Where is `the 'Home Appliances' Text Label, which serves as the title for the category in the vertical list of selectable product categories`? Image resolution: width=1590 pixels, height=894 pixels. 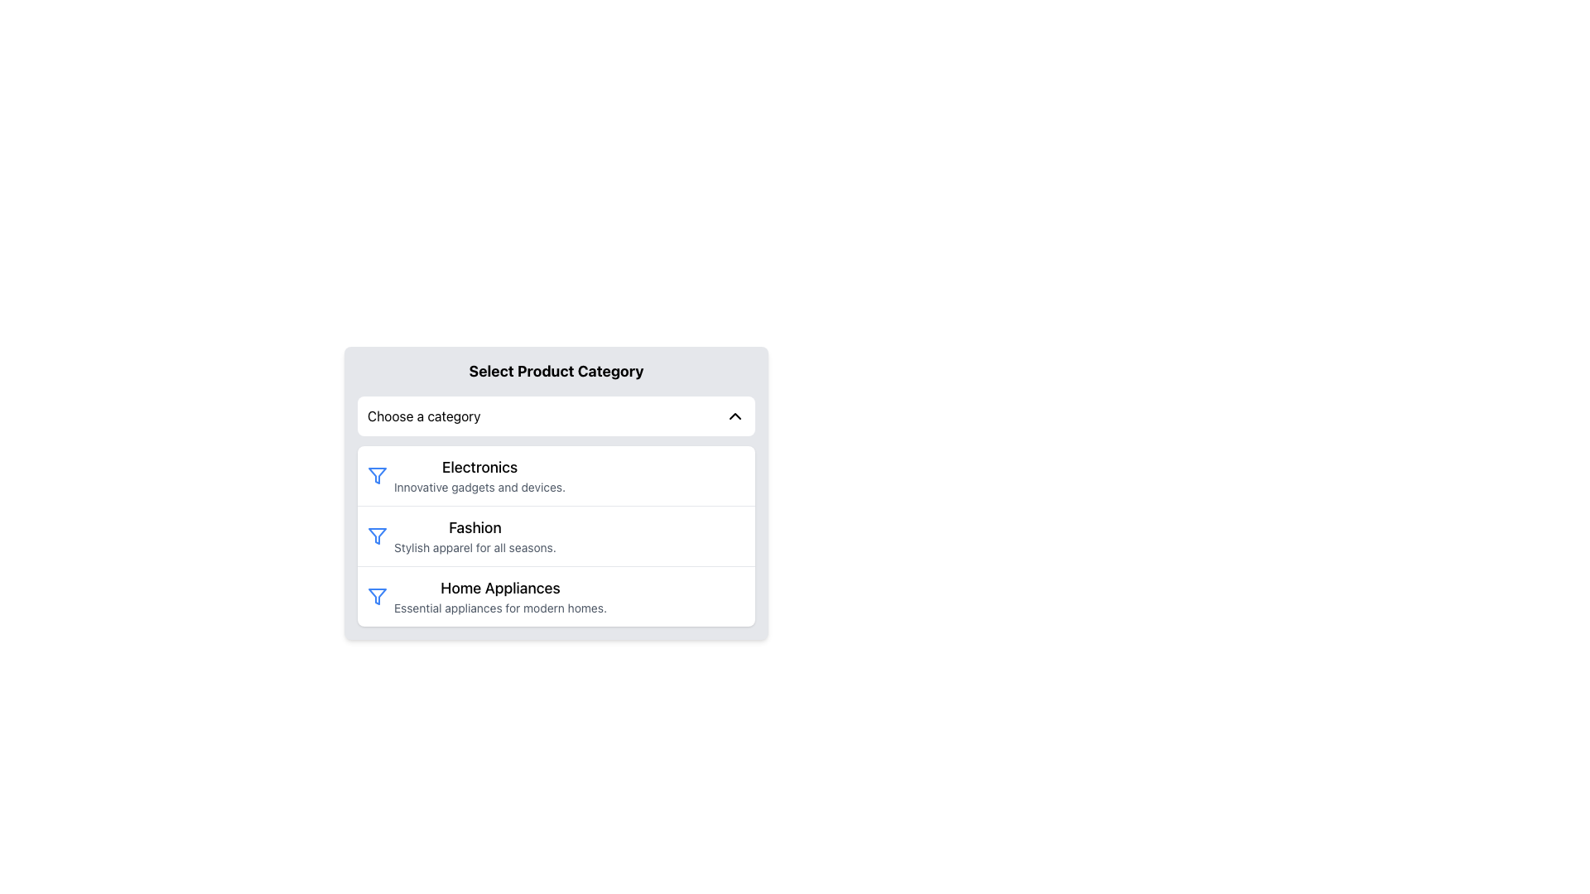
the 'Home Appliances' Text Label, which serves as the title for the category in the vertical list of selectable product categories is located at coordinates (499, 587).